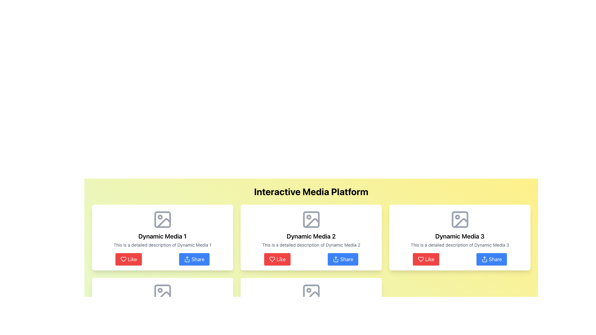 The height and width of the screenshot is (335, 596). I want to click on the SVG shape representing a missing image placeholder in the icon region of the second card labeled 'Dynamic Media 2', located in the third row of the layout, so click(311, 293).